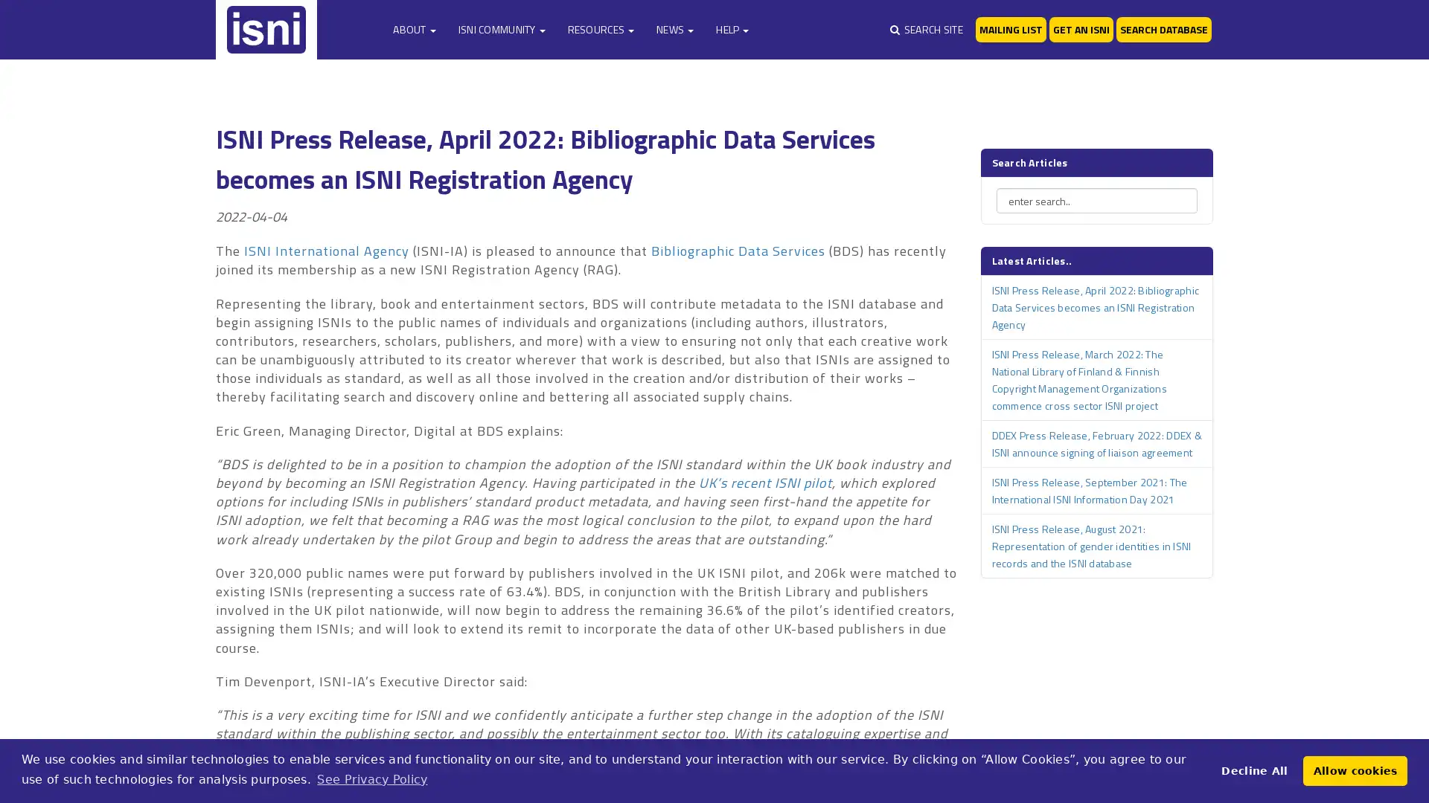 Image resolution: width=1429 pixels, height=803 pixels. I want to click on learn more about cookies, so click(371, 778).